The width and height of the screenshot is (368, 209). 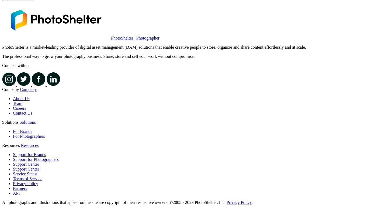 What do you see at coordinates (2, 56) in the screenshot?
I see `'The professional way to grow your photography business. Share, store and sell your work without compromise.'` at bounding box center [2, 56].